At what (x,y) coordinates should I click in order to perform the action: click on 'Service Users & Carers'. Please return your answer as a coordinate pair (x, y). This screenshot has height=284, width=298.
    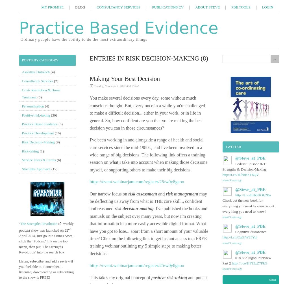
    Looking at the image, I should click on (39, 160).